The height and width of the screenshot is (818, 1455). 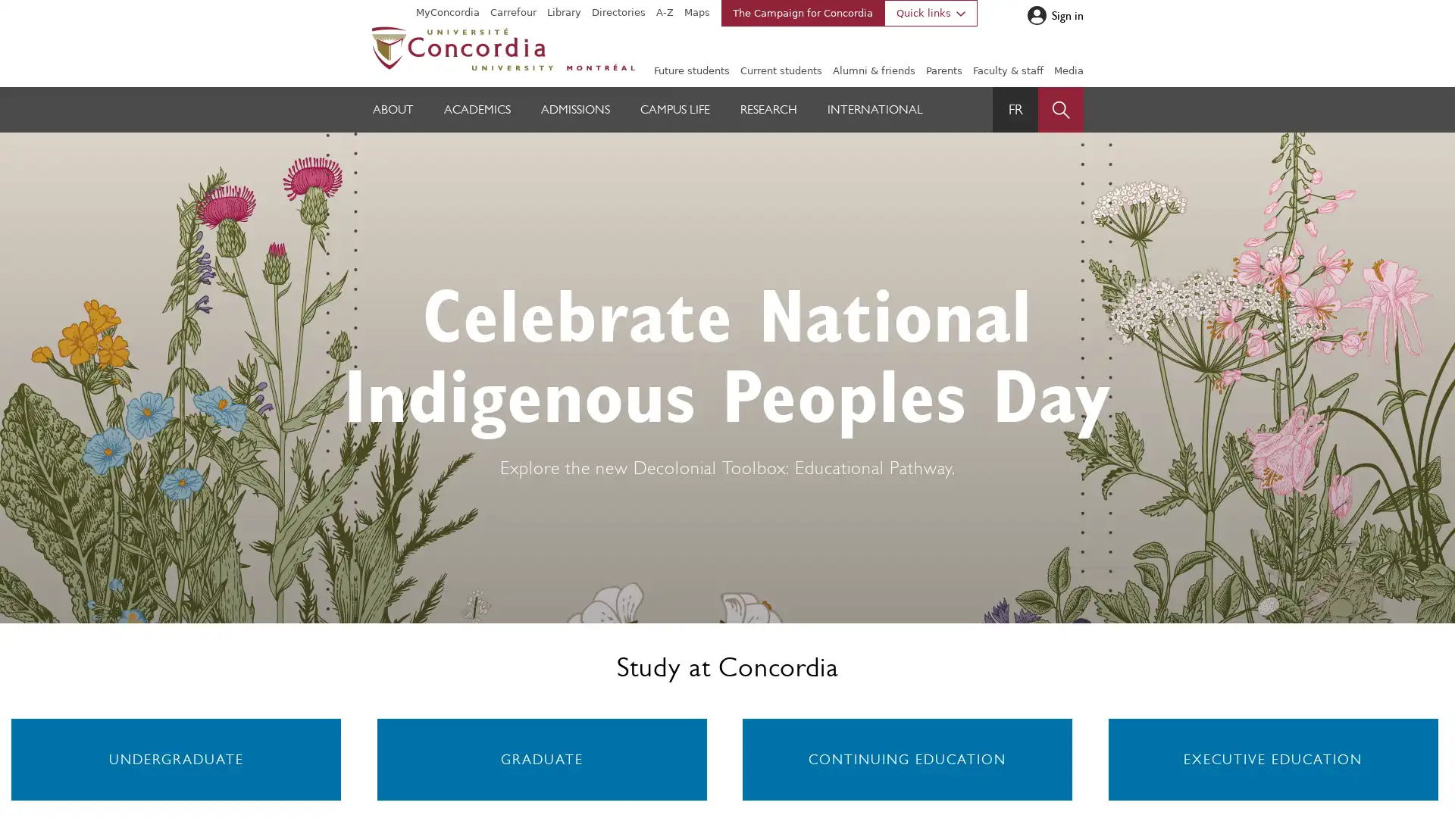 What do you see at coordinates (1060, 109) in the screenshot?
I see `Site search` at bounding box center [1060, 109].